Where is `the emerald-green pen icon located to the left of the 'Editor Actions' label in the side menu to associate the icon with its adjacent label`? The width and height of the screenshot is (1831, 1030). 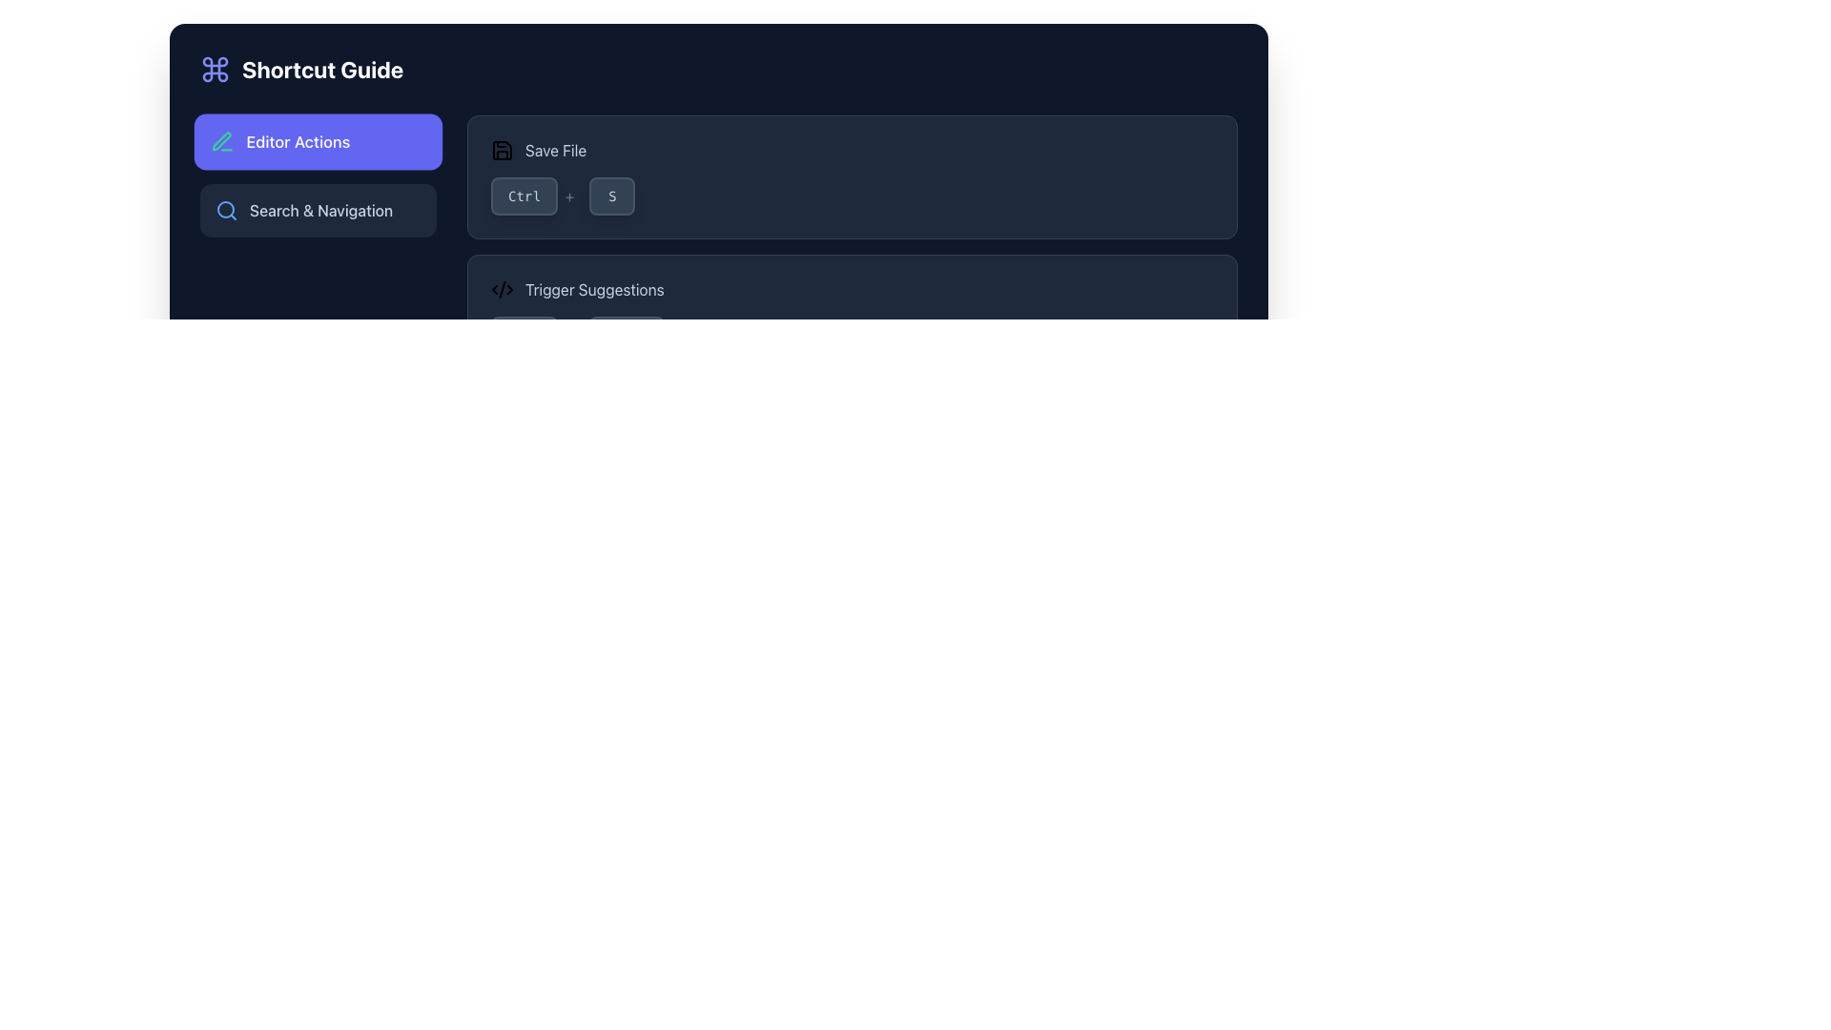
the emerald-green pen icon located to the left of the 'Editor Actions' label in the side menu to associate the icon with its adjacent label is located at coordinates (221, 140).